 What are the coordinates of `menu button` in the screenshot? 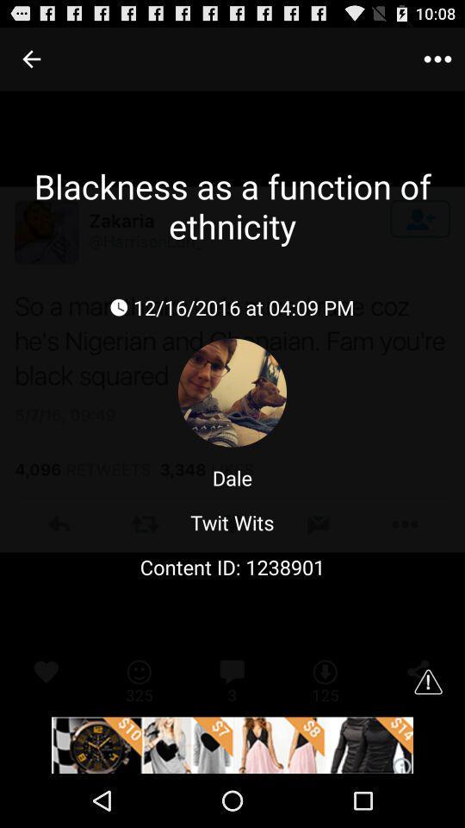 It's located at (437, 59).